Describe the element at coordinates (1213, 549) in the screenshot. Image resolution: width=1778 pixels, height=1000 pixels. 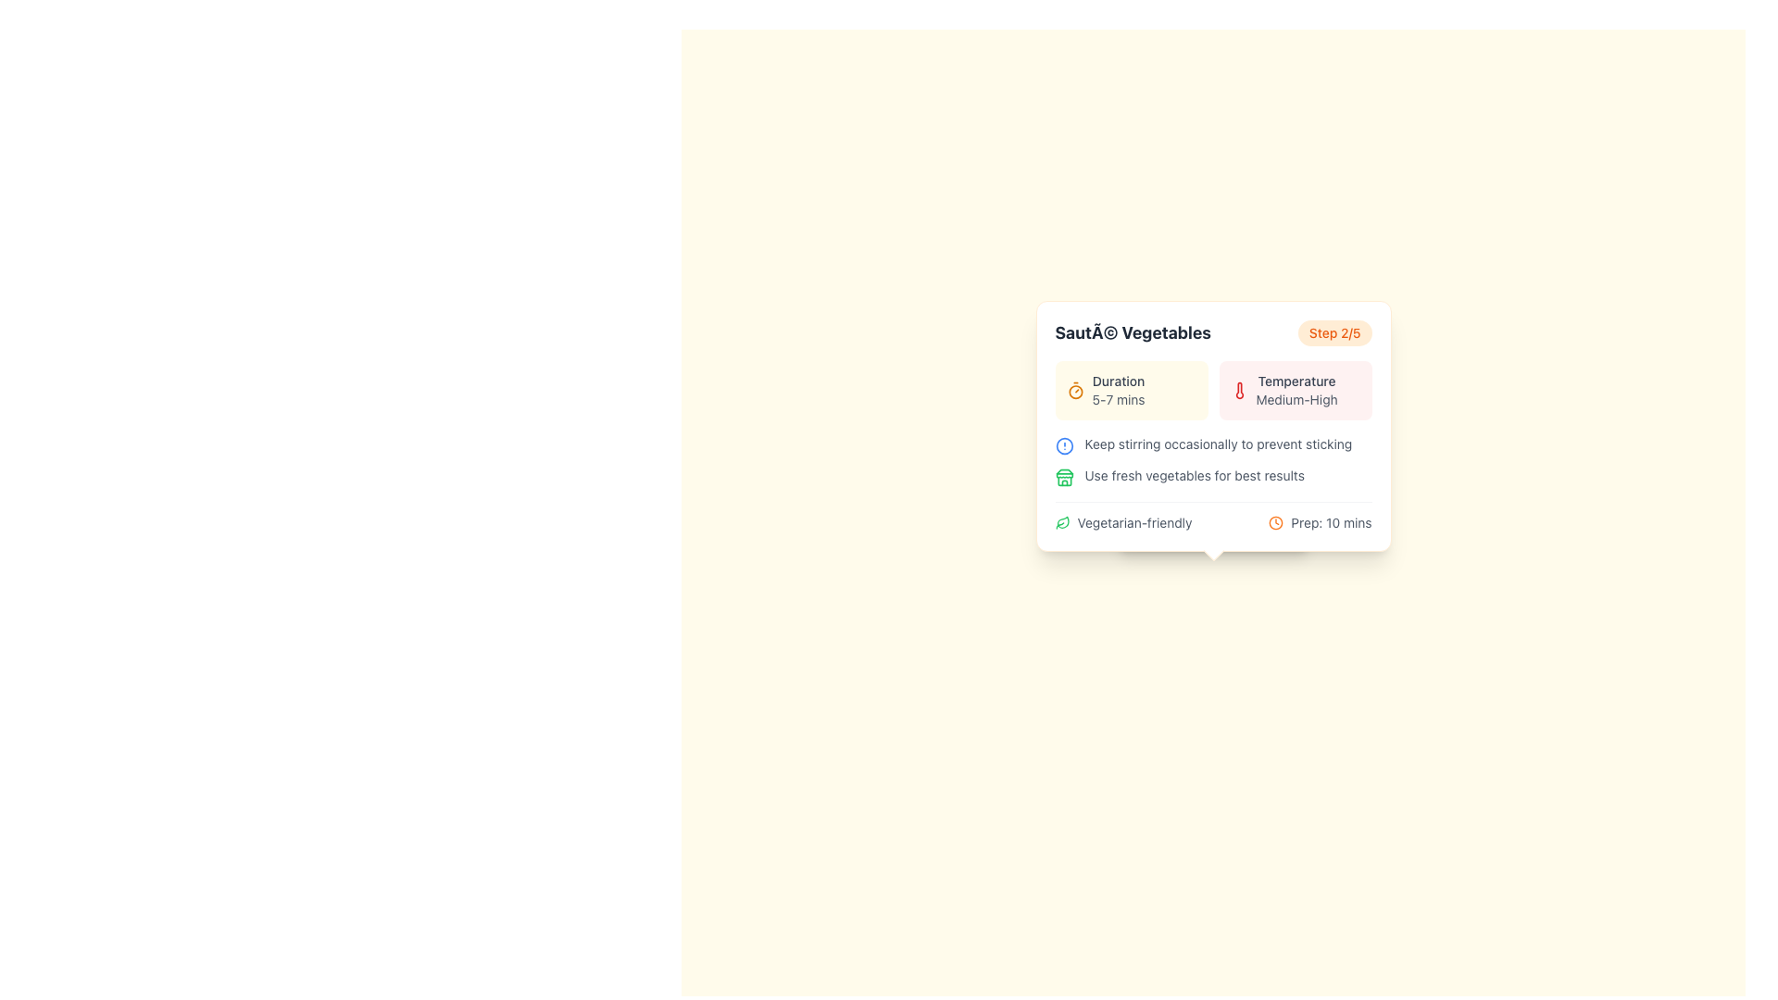
I see `the decorative pointer or indicator, which is a small square with a white background and light orange borders, located below the 'Vegetarian-friendly Prep: 10 mins' information section in the 'Sauté Vegetables Step 2/5' modal` at that location.